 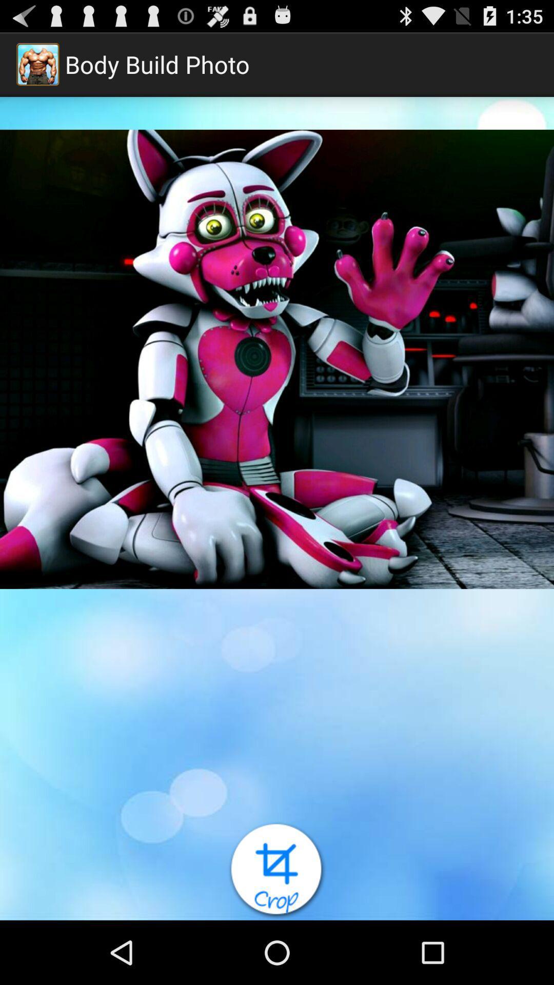 I want to click on crop the size of photo option, so click(x=277, y=870).